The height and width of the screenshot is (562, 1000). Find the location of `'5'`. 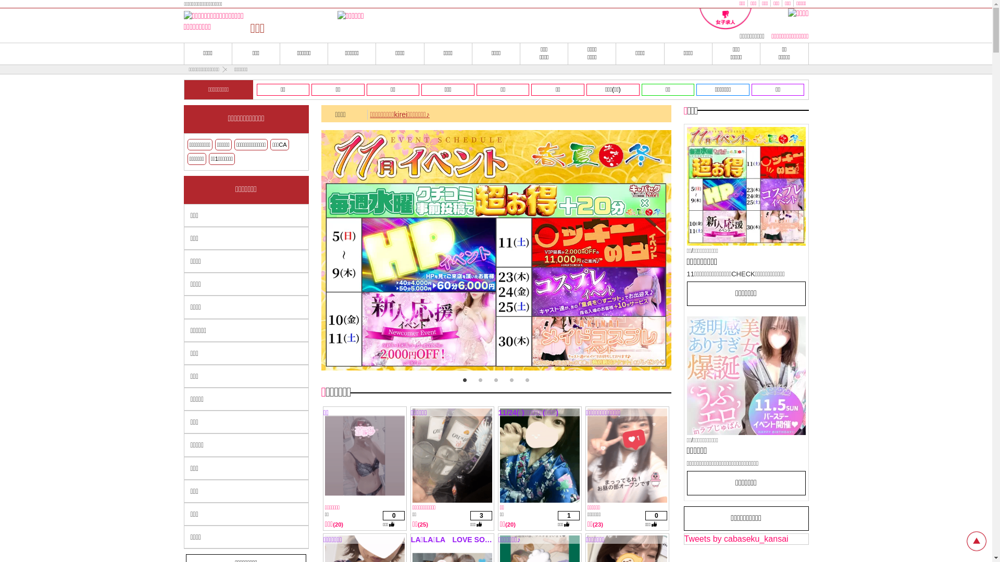

'5' is located at coordinates (527, 380).